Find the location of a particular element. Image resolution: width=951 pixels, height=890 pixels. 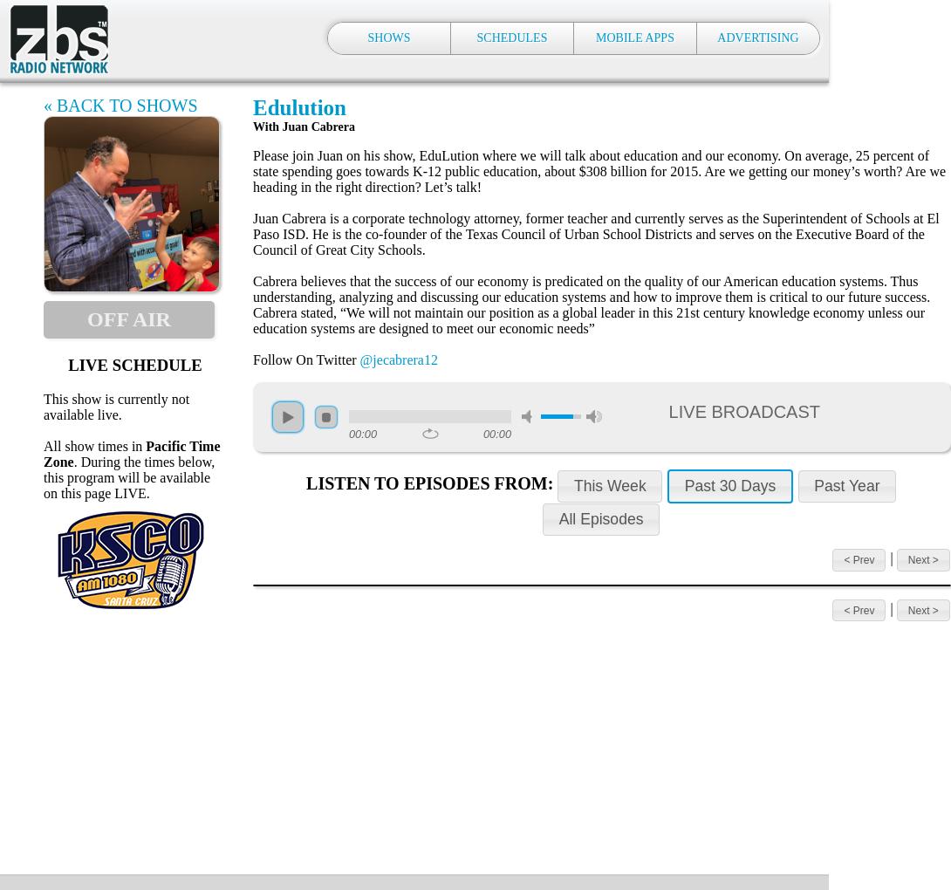

'Cabrera believes that the success of our economy is predicated on the quality of our American education systems. Thus understanding, analyzing and discussing our education systems and how to improve them is critical to our future success. Cabrera stated, “We will not maintain our position as a global leader in this 21st century knowledge economy unless our education systems are designed to meet our economic needs”' is located at coordinates (591, 304).